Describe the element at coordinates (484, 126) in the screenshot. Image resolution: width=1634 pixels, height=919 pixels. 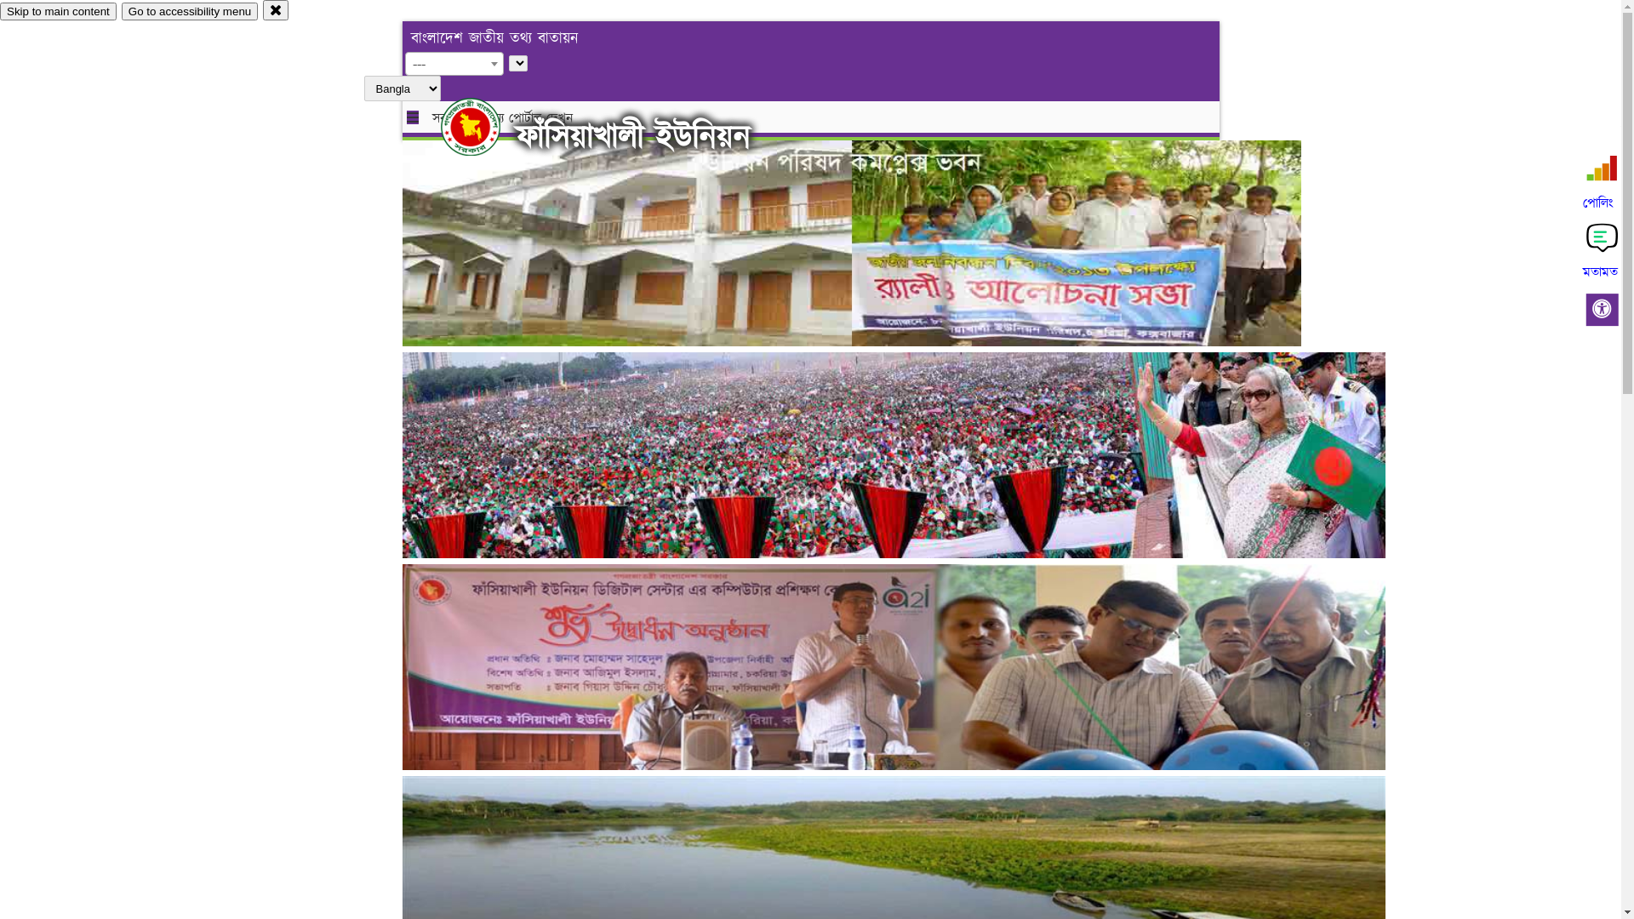
I see `'` at that location.